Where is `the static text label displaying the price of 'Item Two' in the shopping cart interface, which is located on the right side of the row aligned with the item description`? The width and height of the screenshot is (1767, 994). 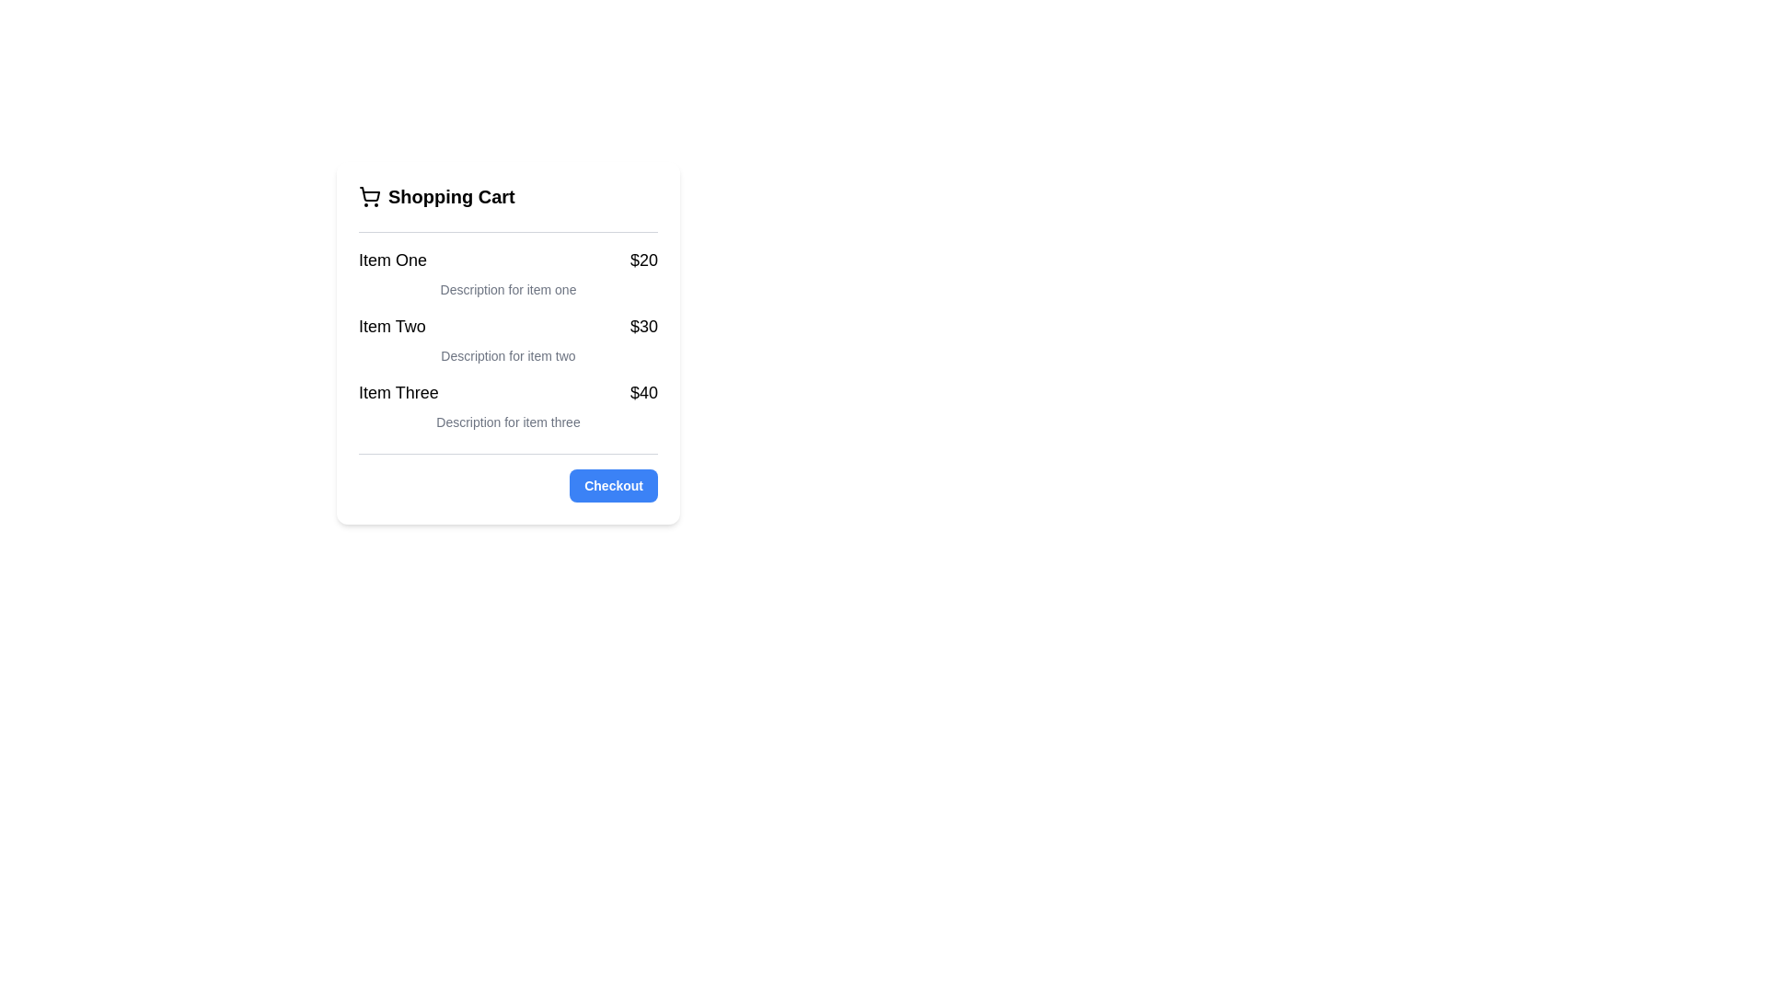
the static text label displaying the price of 'Item Two' in the shopping cart interface, which is located on the right side of the row aligned with the item description is located at coordinates (644, 325).